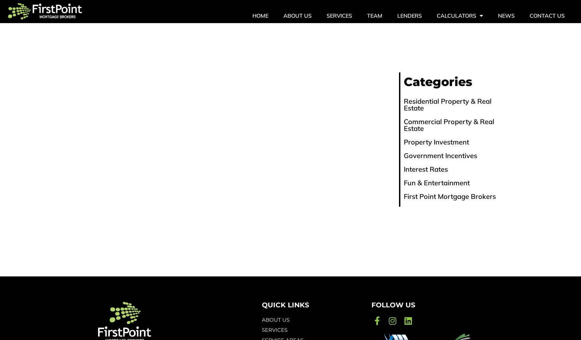 The height and width of the screenshot is (340, 581). Describe the element at coordinates (437, 81) in the screenshot. I see `'Categories'` at that location.